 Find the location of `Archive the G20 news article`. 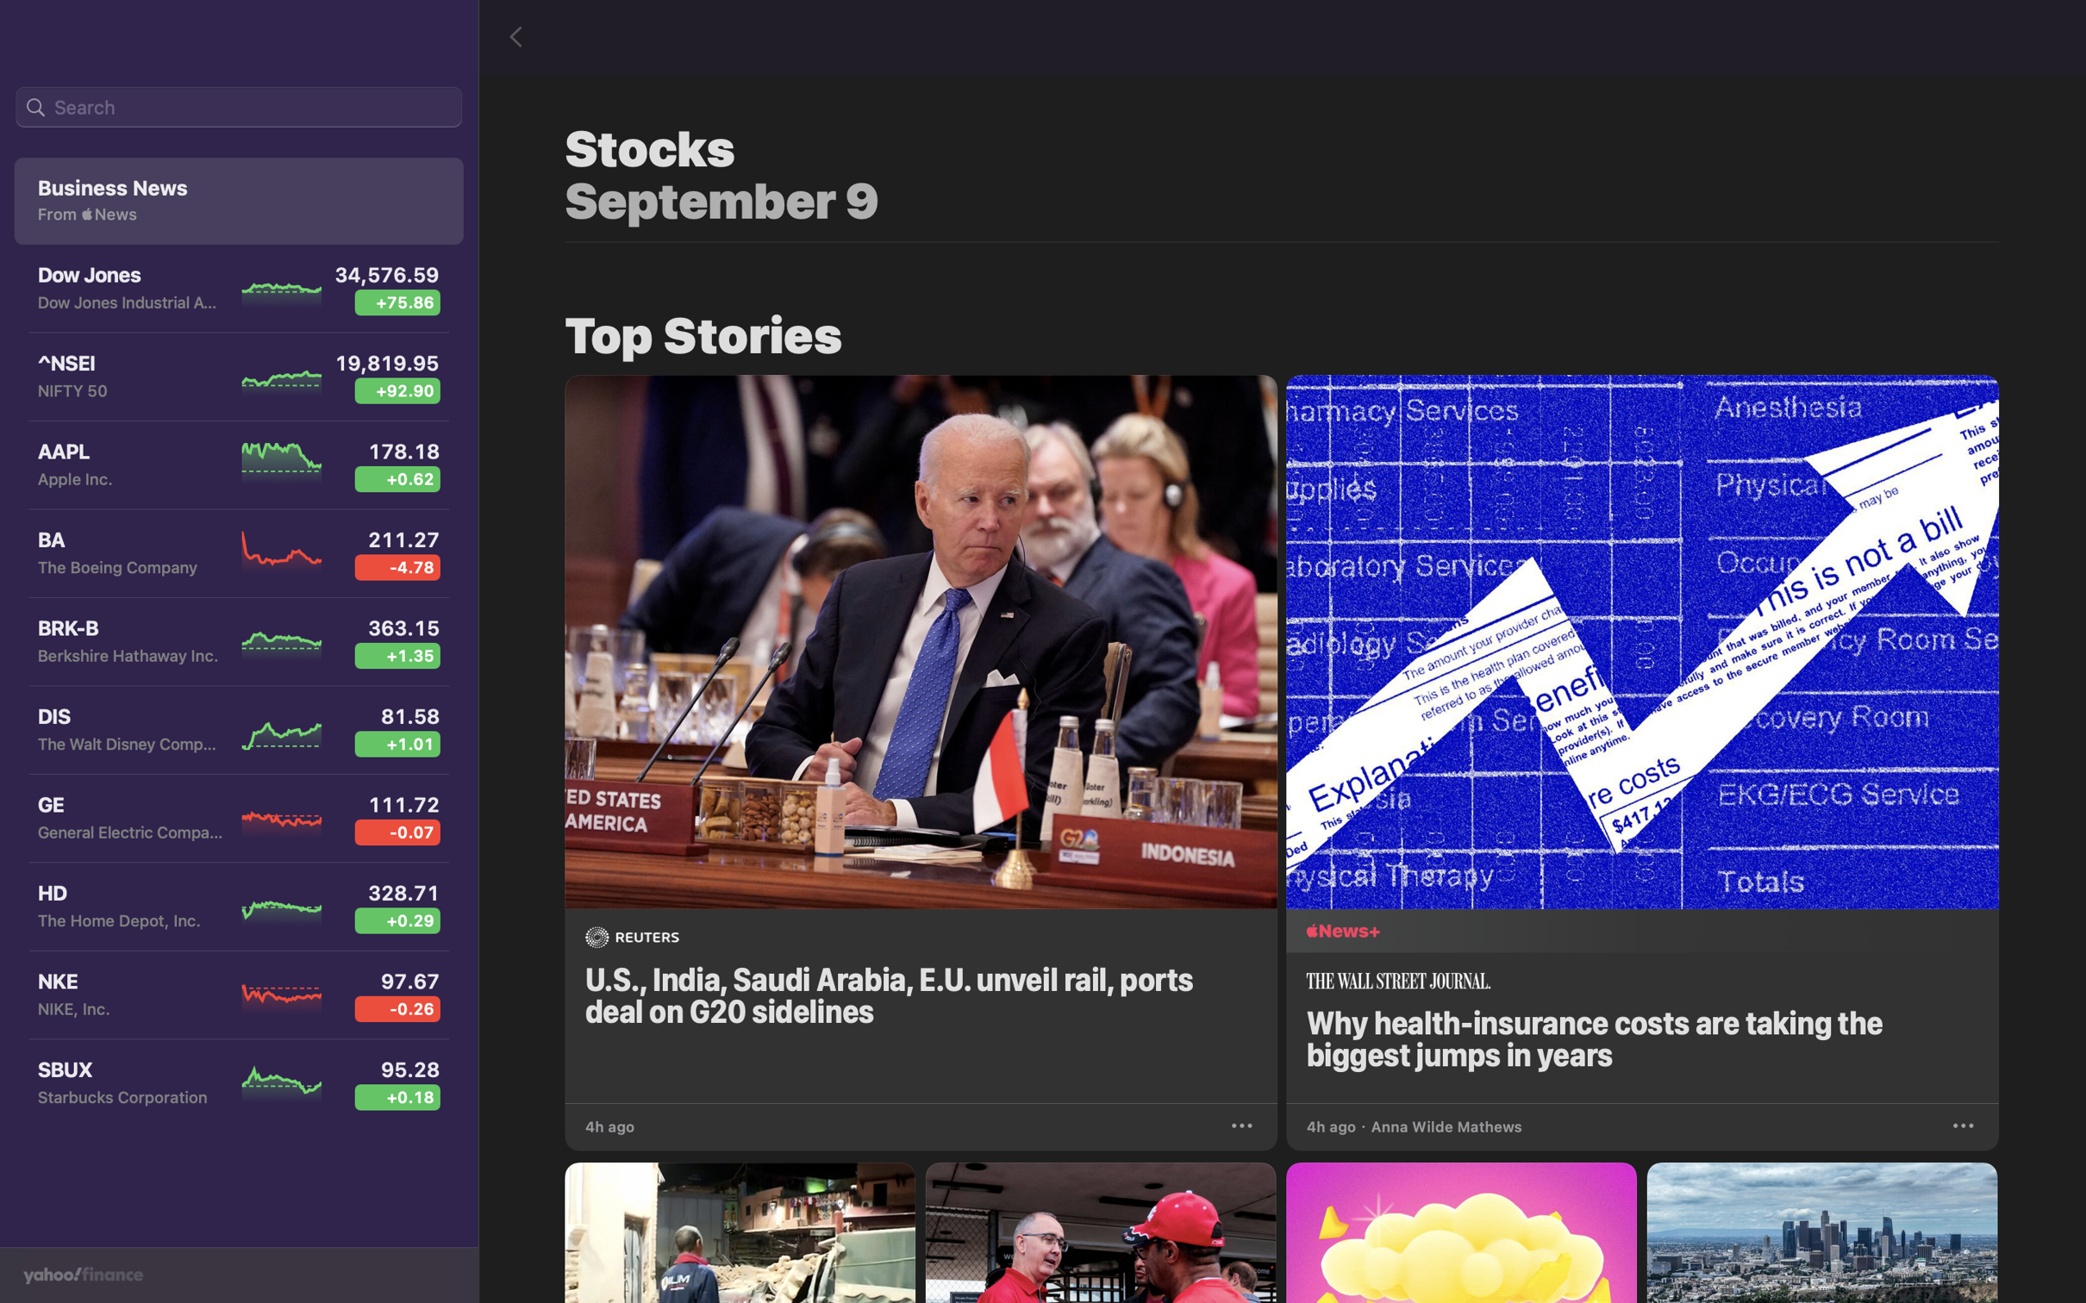

Archive the G20 news article is located at coordinates (1244, 1123).